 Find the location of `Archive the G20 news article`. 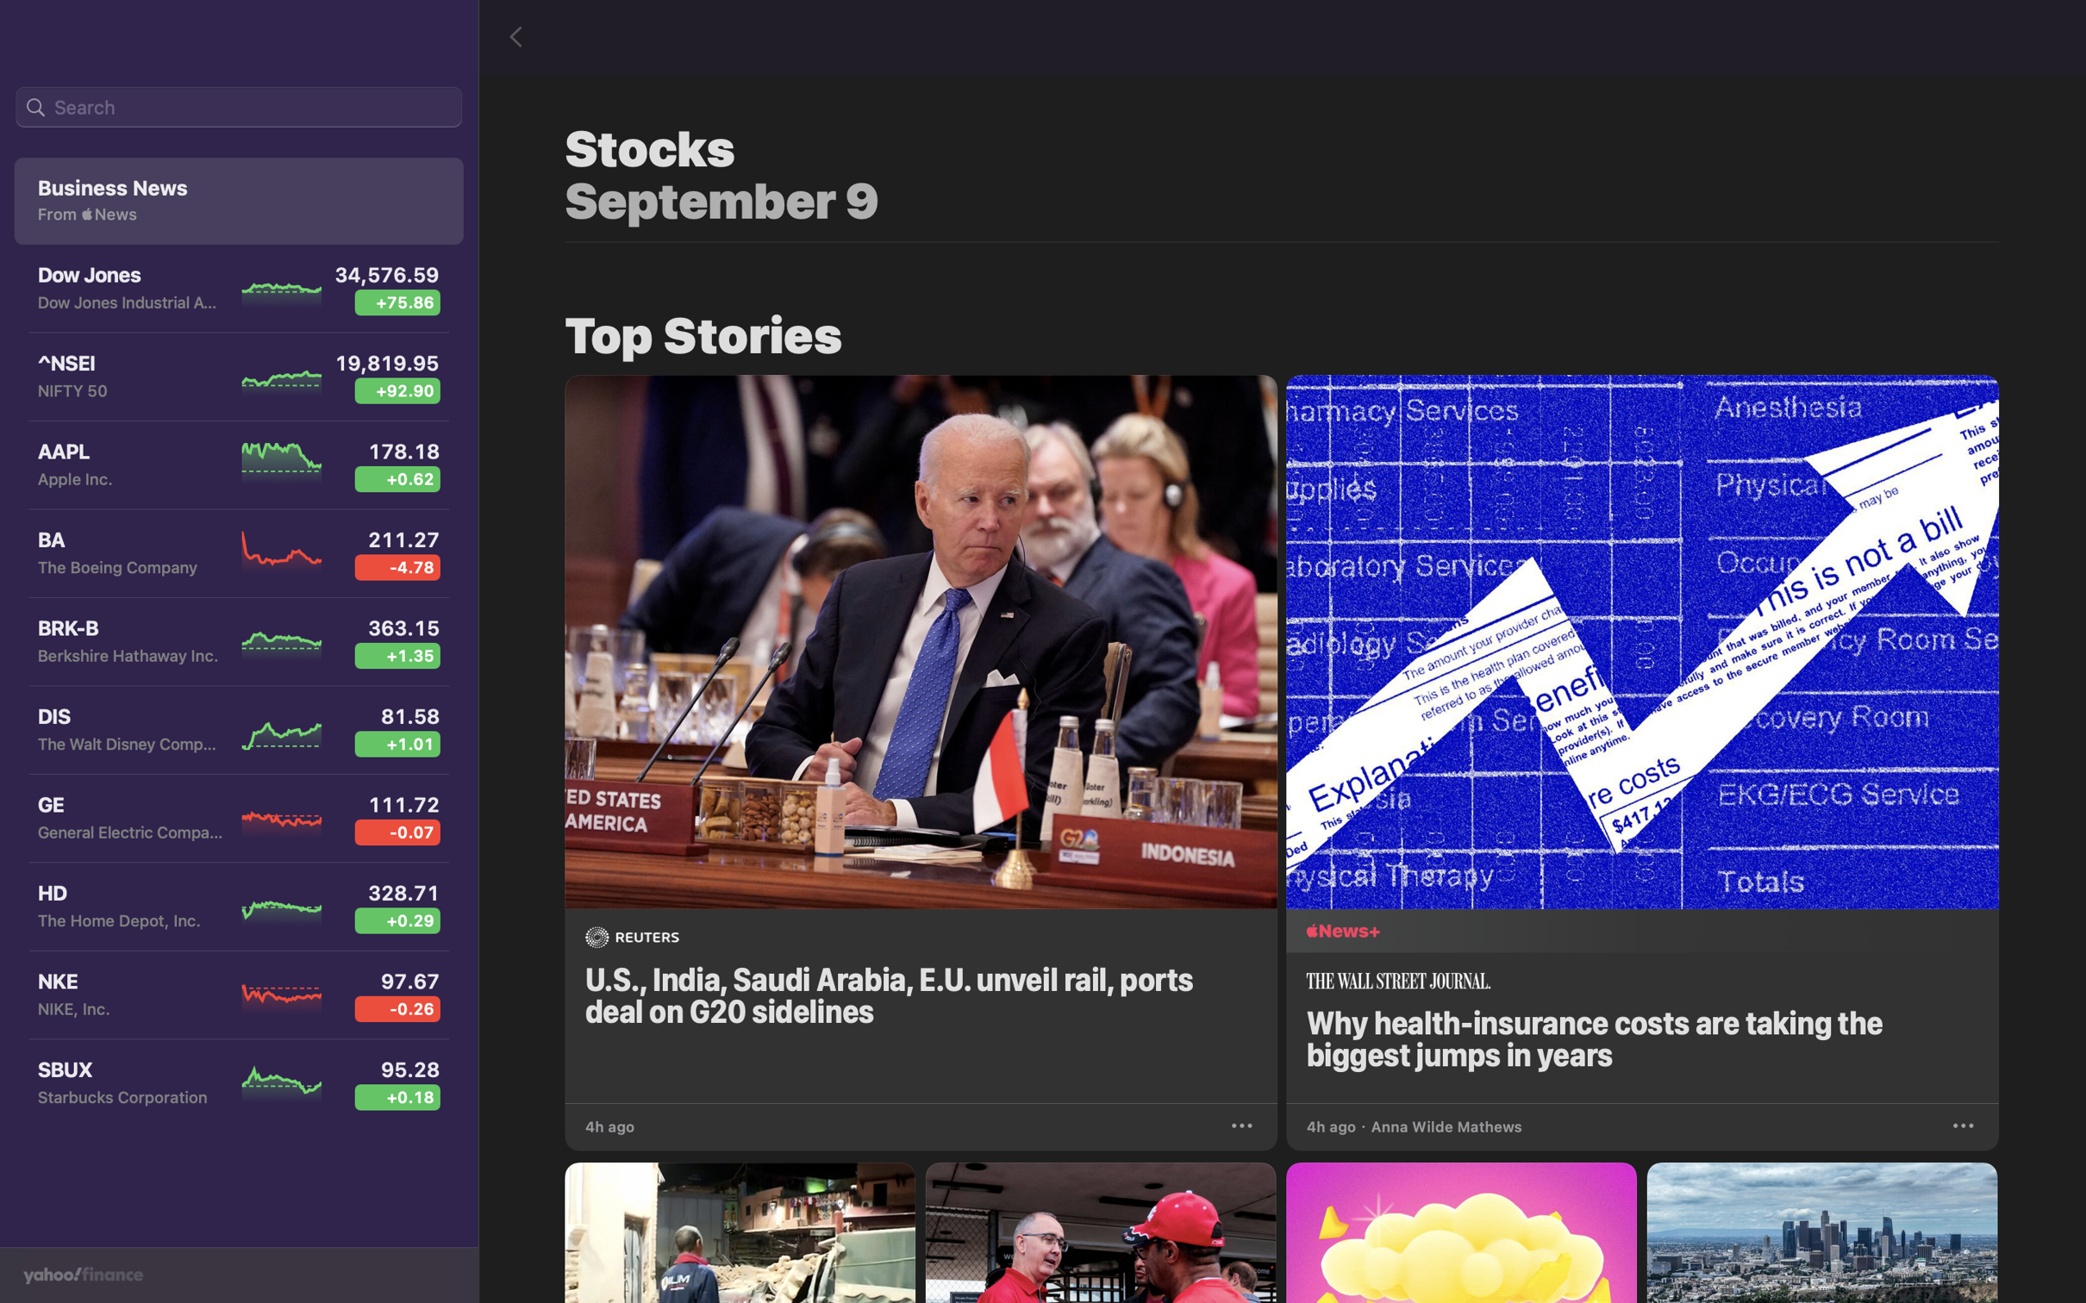

Archive the G20 news article is located at coordinates (1244, 1123).